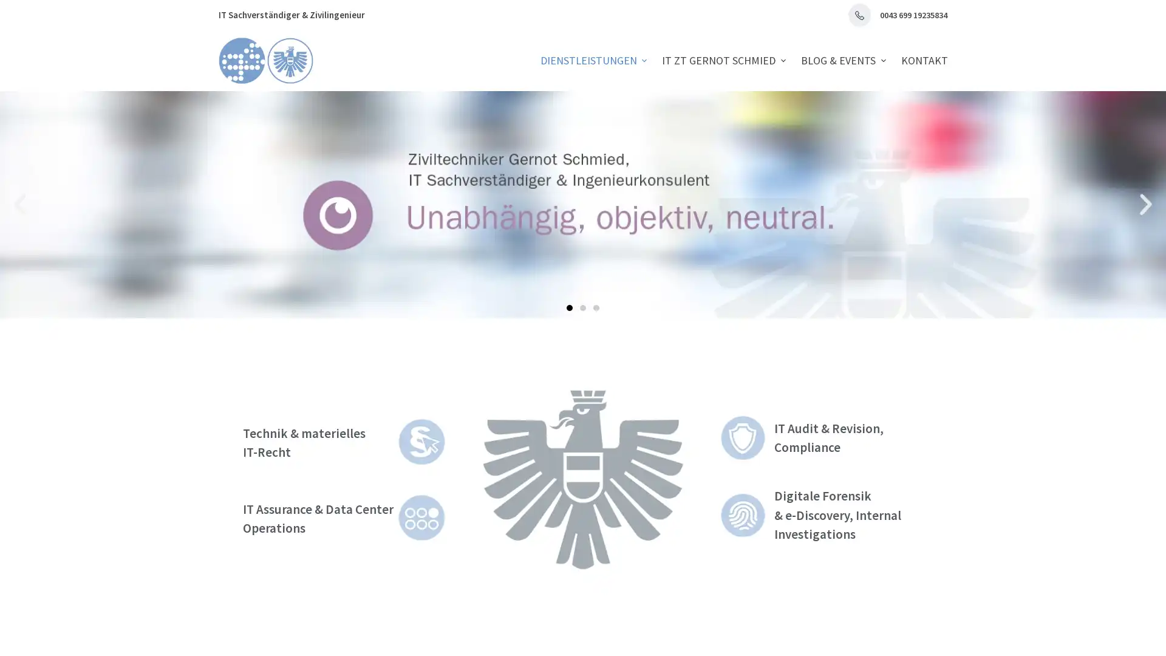 The image size is (1166, 656). Describe the element at coordinates (883, 61) in the screenshot. I see `Expand dropdown menu` at that location.